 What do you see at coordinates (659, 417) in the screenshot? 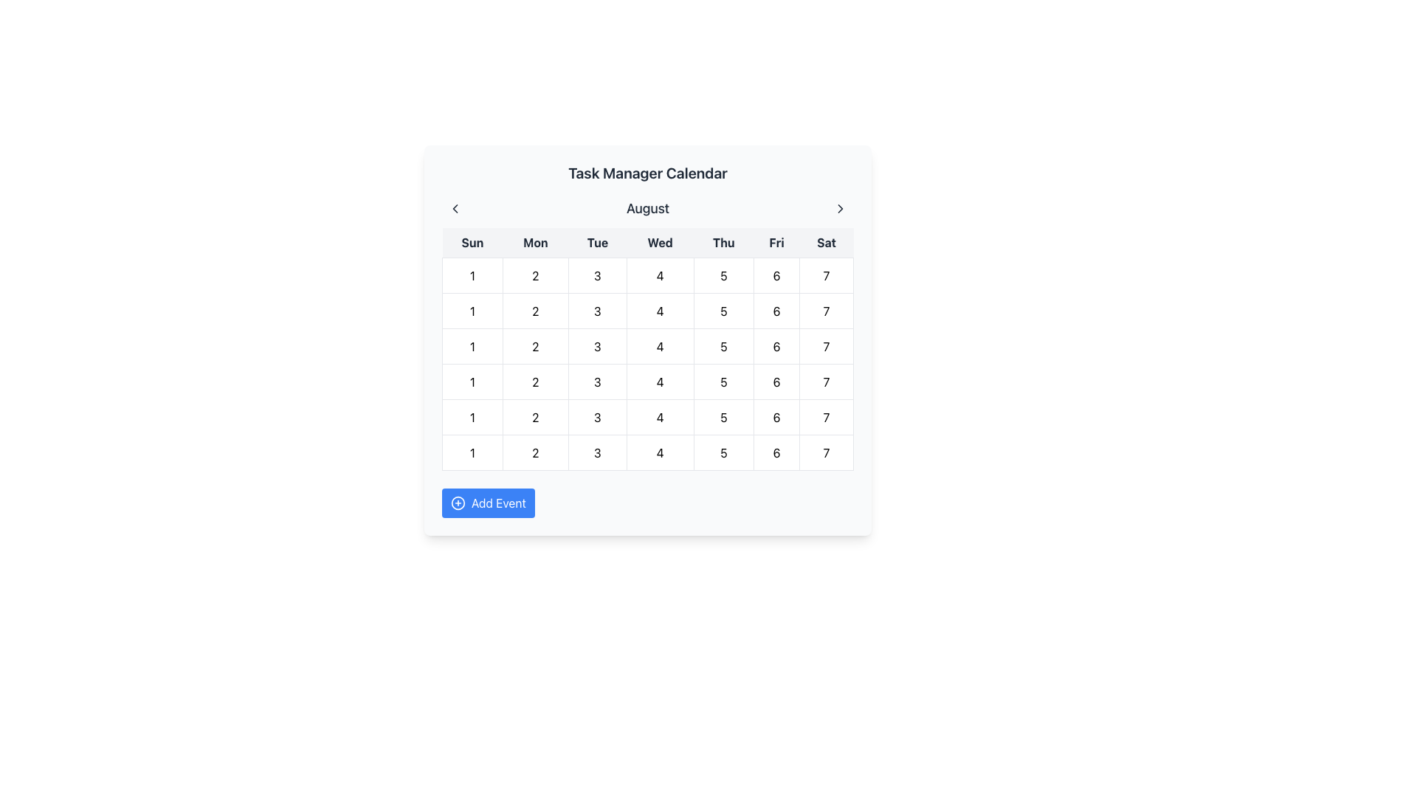
I see `the Calendar Day Cell marked with the numeral '4' located under the 'Wed' column in the calendar interface` at bounding box center [659, 417].